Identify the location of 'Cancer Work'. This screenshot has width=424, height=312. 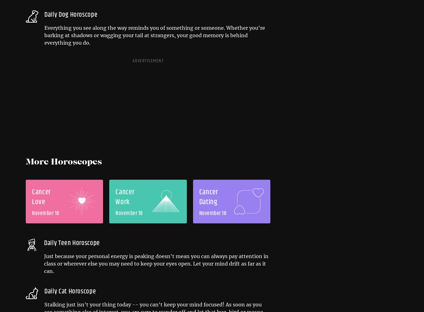
(115, 197).